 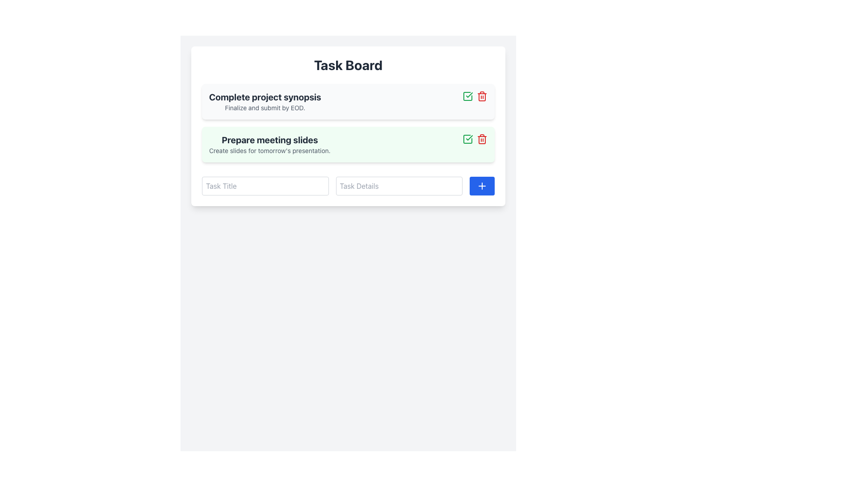 I want to click on the non-interactive text label that serves as the title of the task, located at the top of the first task card in the task board, so click(x=265, y=97).